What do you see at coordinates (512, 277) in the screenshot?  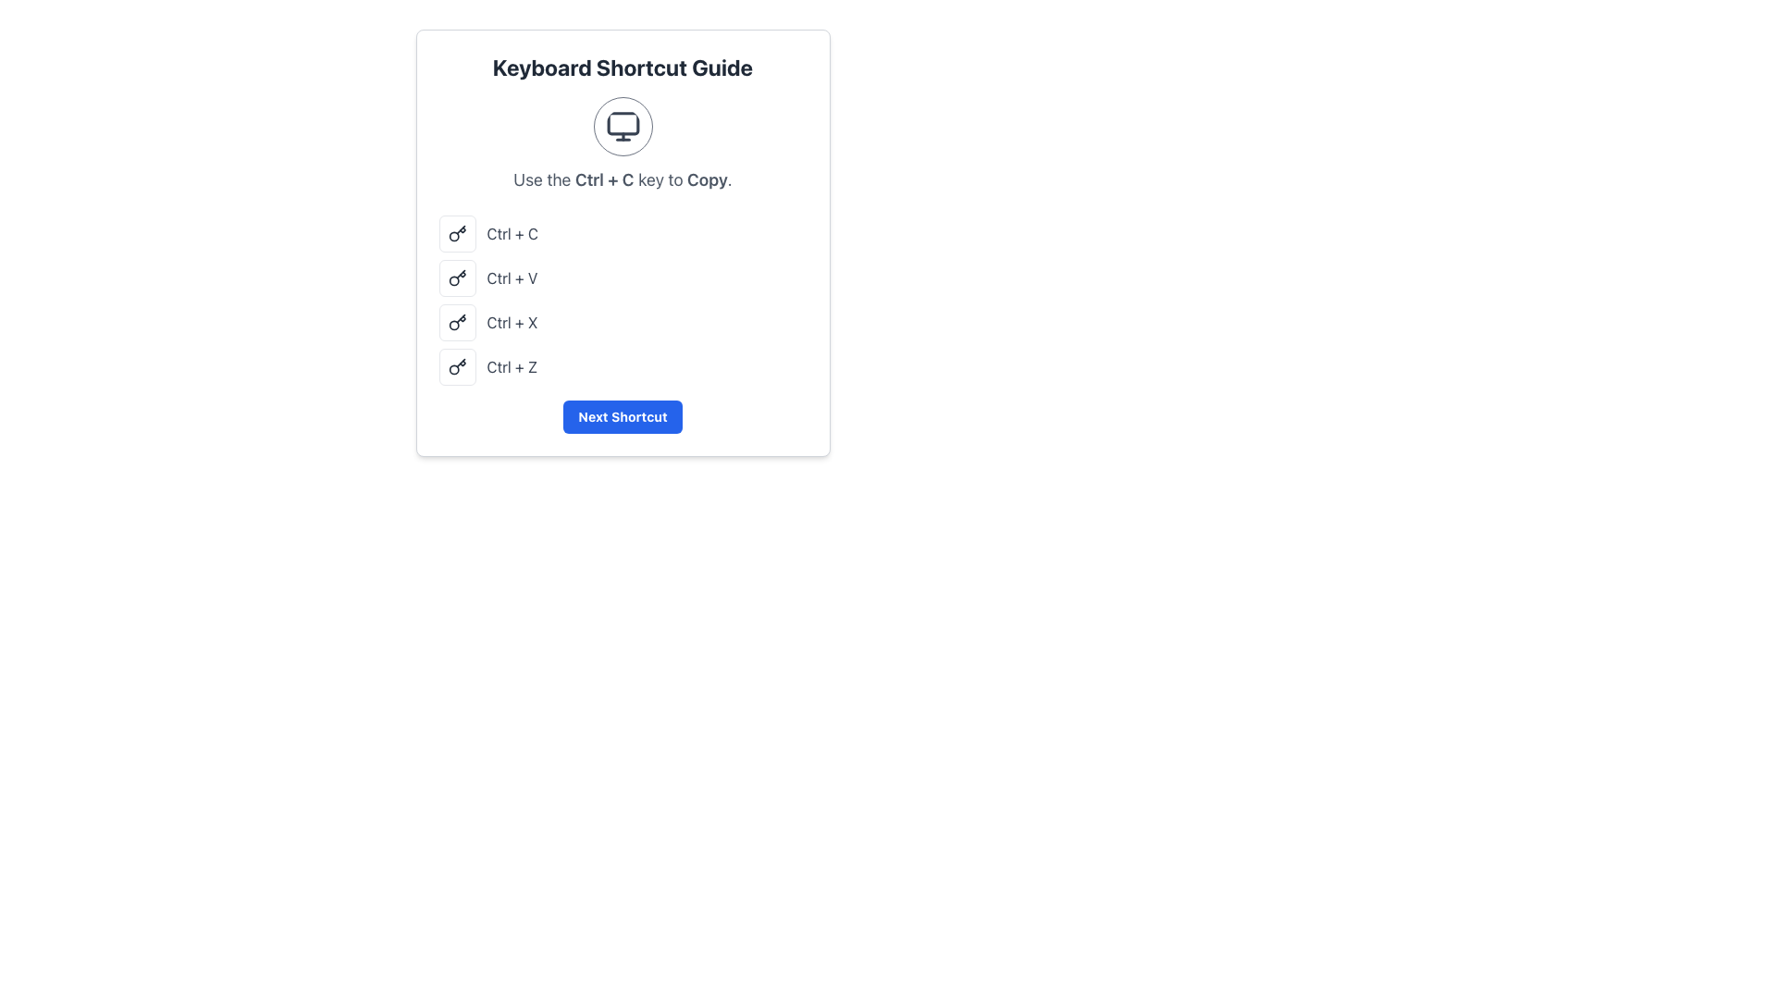 I see `the text label indicating the keyboard shortcut Ctrl + V, which is positioned as the second text entry in a vertical list of keyboard shortcuts, located to the right of a small key icon` at bounding box center [512, 277].